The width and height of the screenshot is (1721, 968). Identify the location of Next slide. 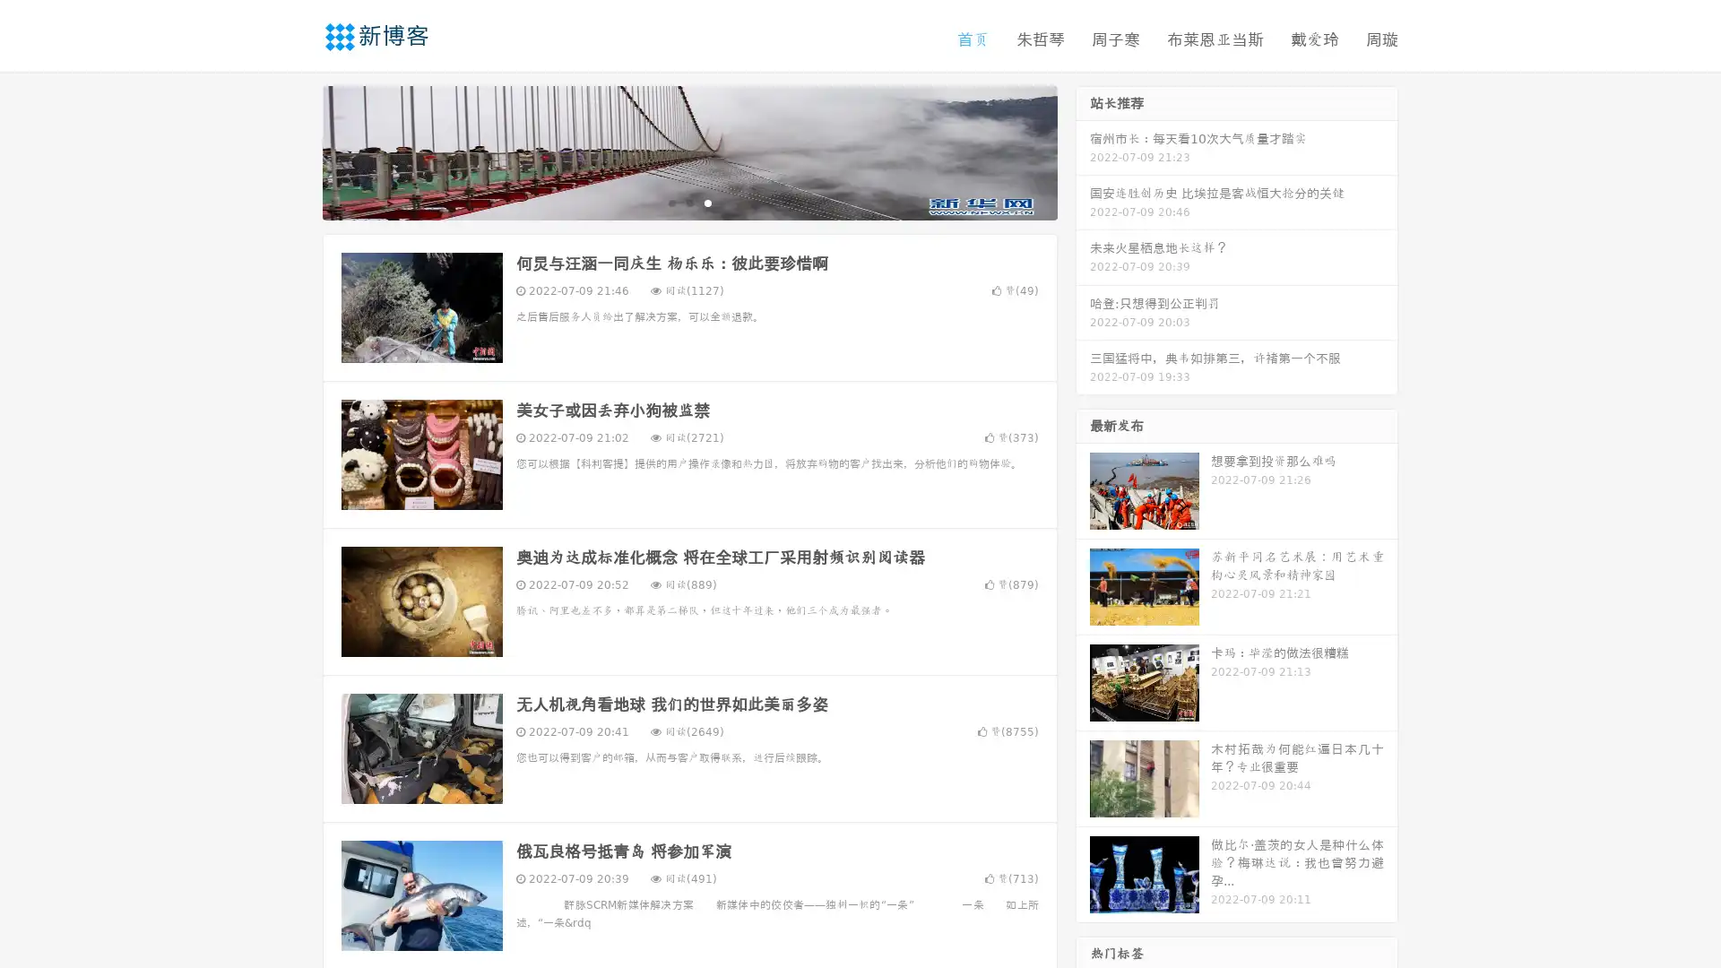
(1083, 151).